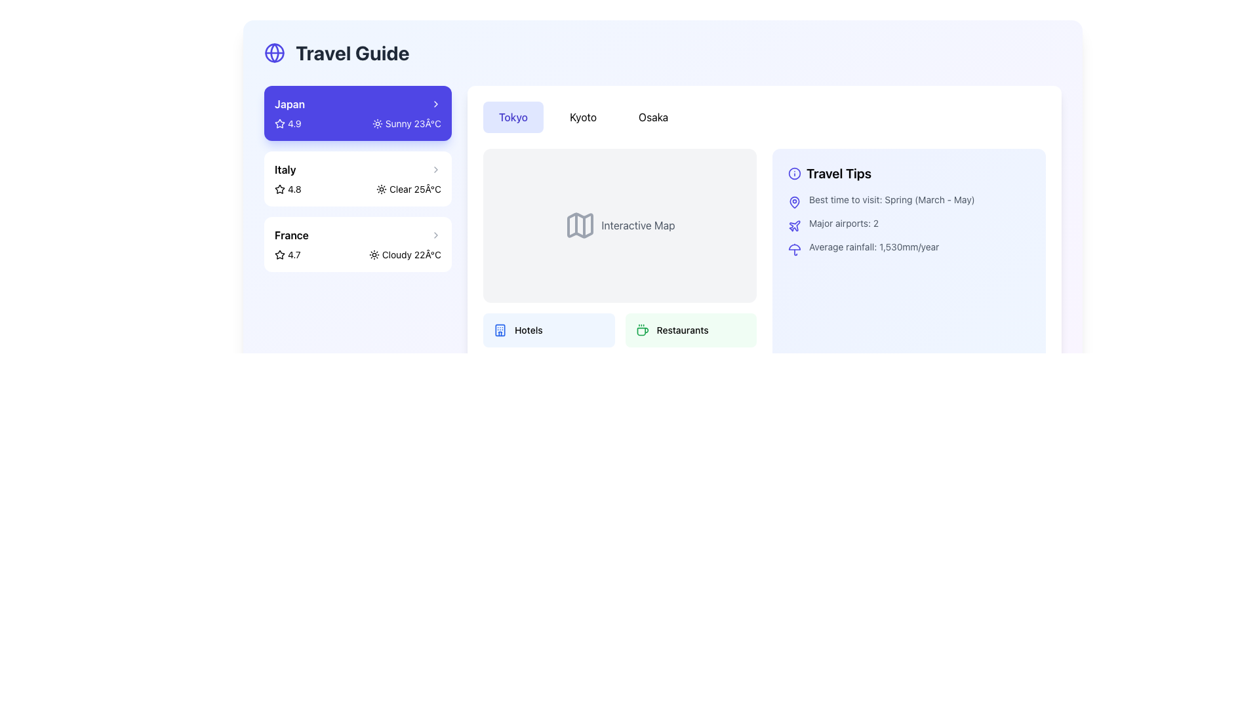 The height and width of the screenshot is (708, 1259). Describe the element at coordinates (294, 189) in the screenshot. I see `the text label displaying the rating '4.8' which is aligned horizontally with a star icon in the 'Italy' section of the vertically stacked list` at that location.